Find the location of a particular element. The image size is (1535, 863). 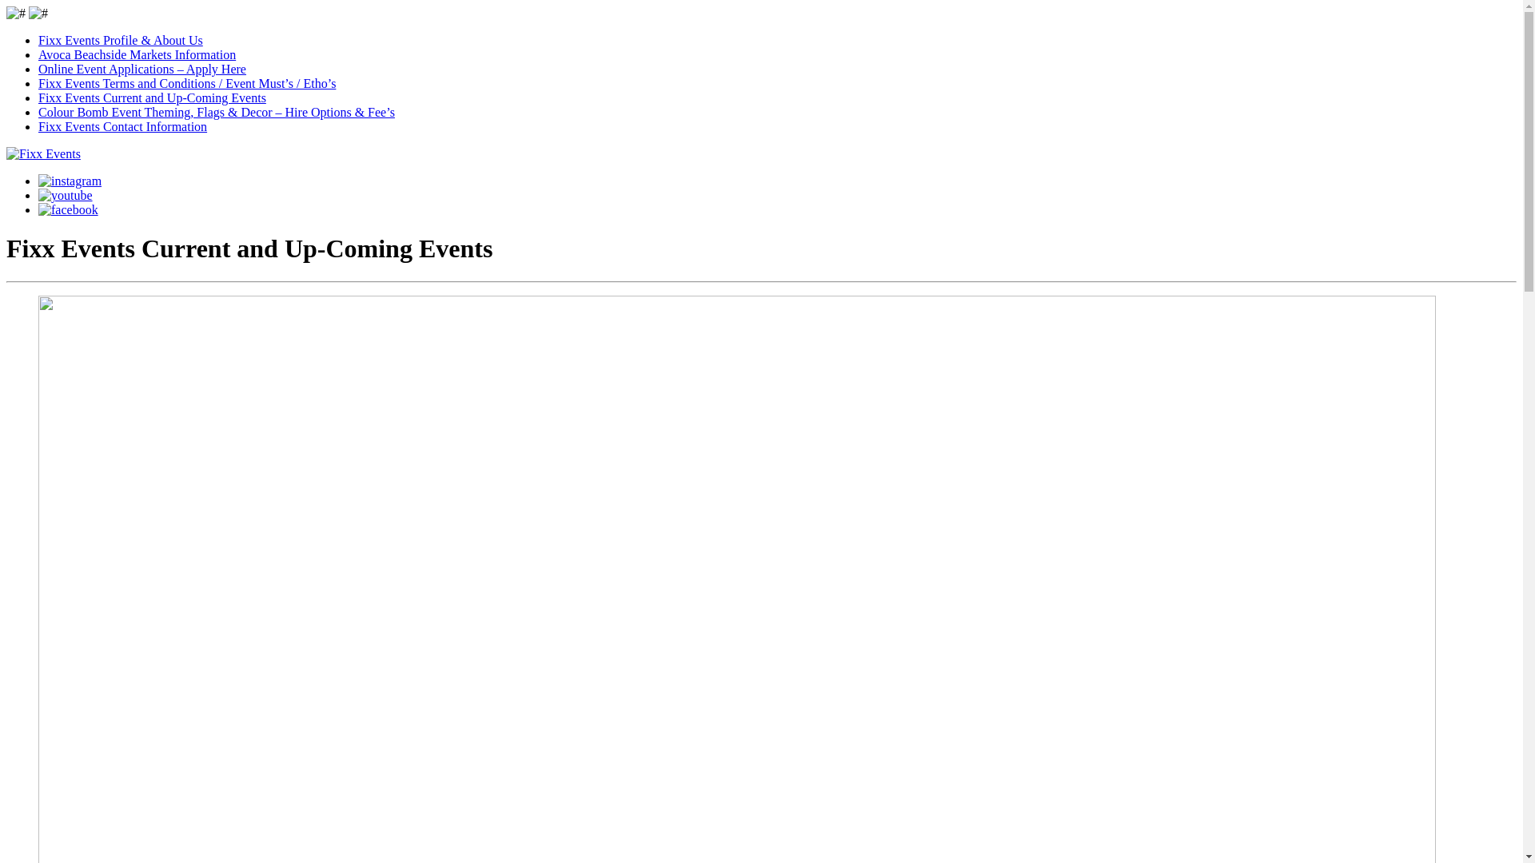

'Avoca Beachside Markets Information' is located at coordinates (137, 54).